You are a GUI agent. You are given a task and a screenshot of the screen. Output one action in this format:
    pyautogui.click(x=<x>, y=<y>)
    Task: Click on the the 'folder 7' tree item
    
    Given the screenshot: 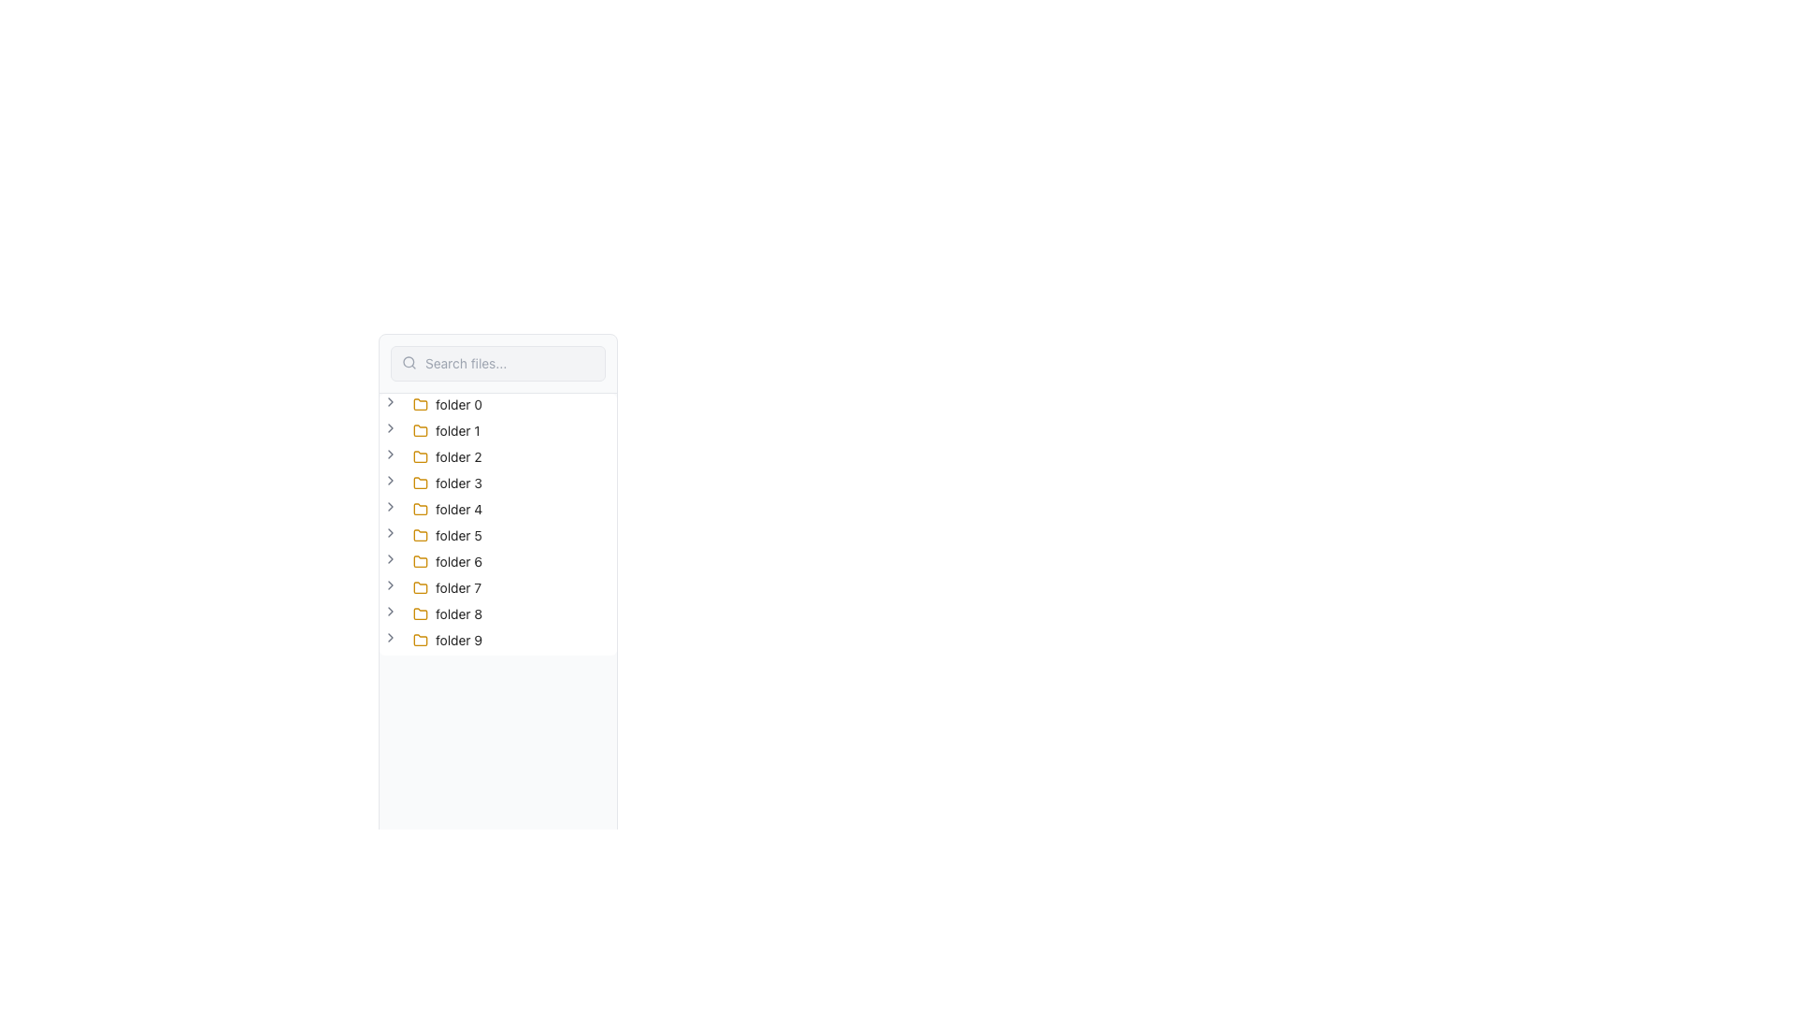 What is the action you would take?
    pyautogui.click(x=433, y=586)
    